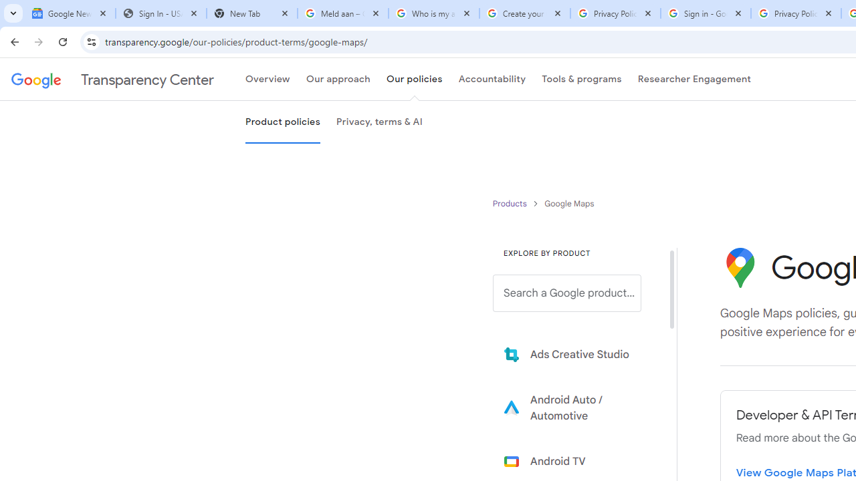 The height and width of the screenshot is (481, 856). What do you see at coordinates (576, 407) in the screenshot?
I see `'Learn more about Android Auto'` at bounding box center [576, 407].